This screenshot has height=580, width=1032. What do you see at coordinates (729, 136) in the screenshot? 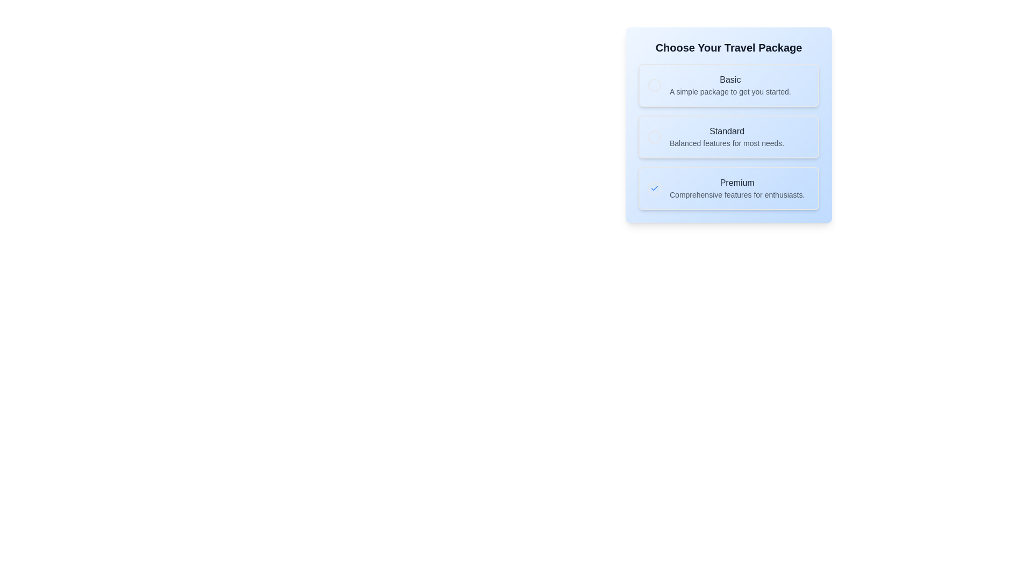
I see `the selectable list item labeled 'Standard' which is the middle option in the 'Choose Your Travel Package' card layout` at bounding box center [729, 136].